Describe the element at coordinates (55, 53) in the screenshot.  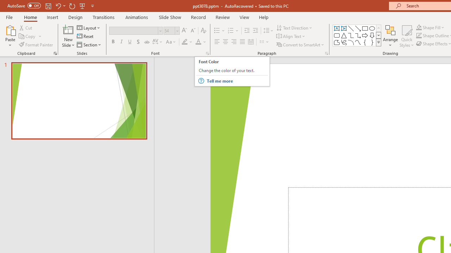
I see `'Office Clipboard...'` at that location.